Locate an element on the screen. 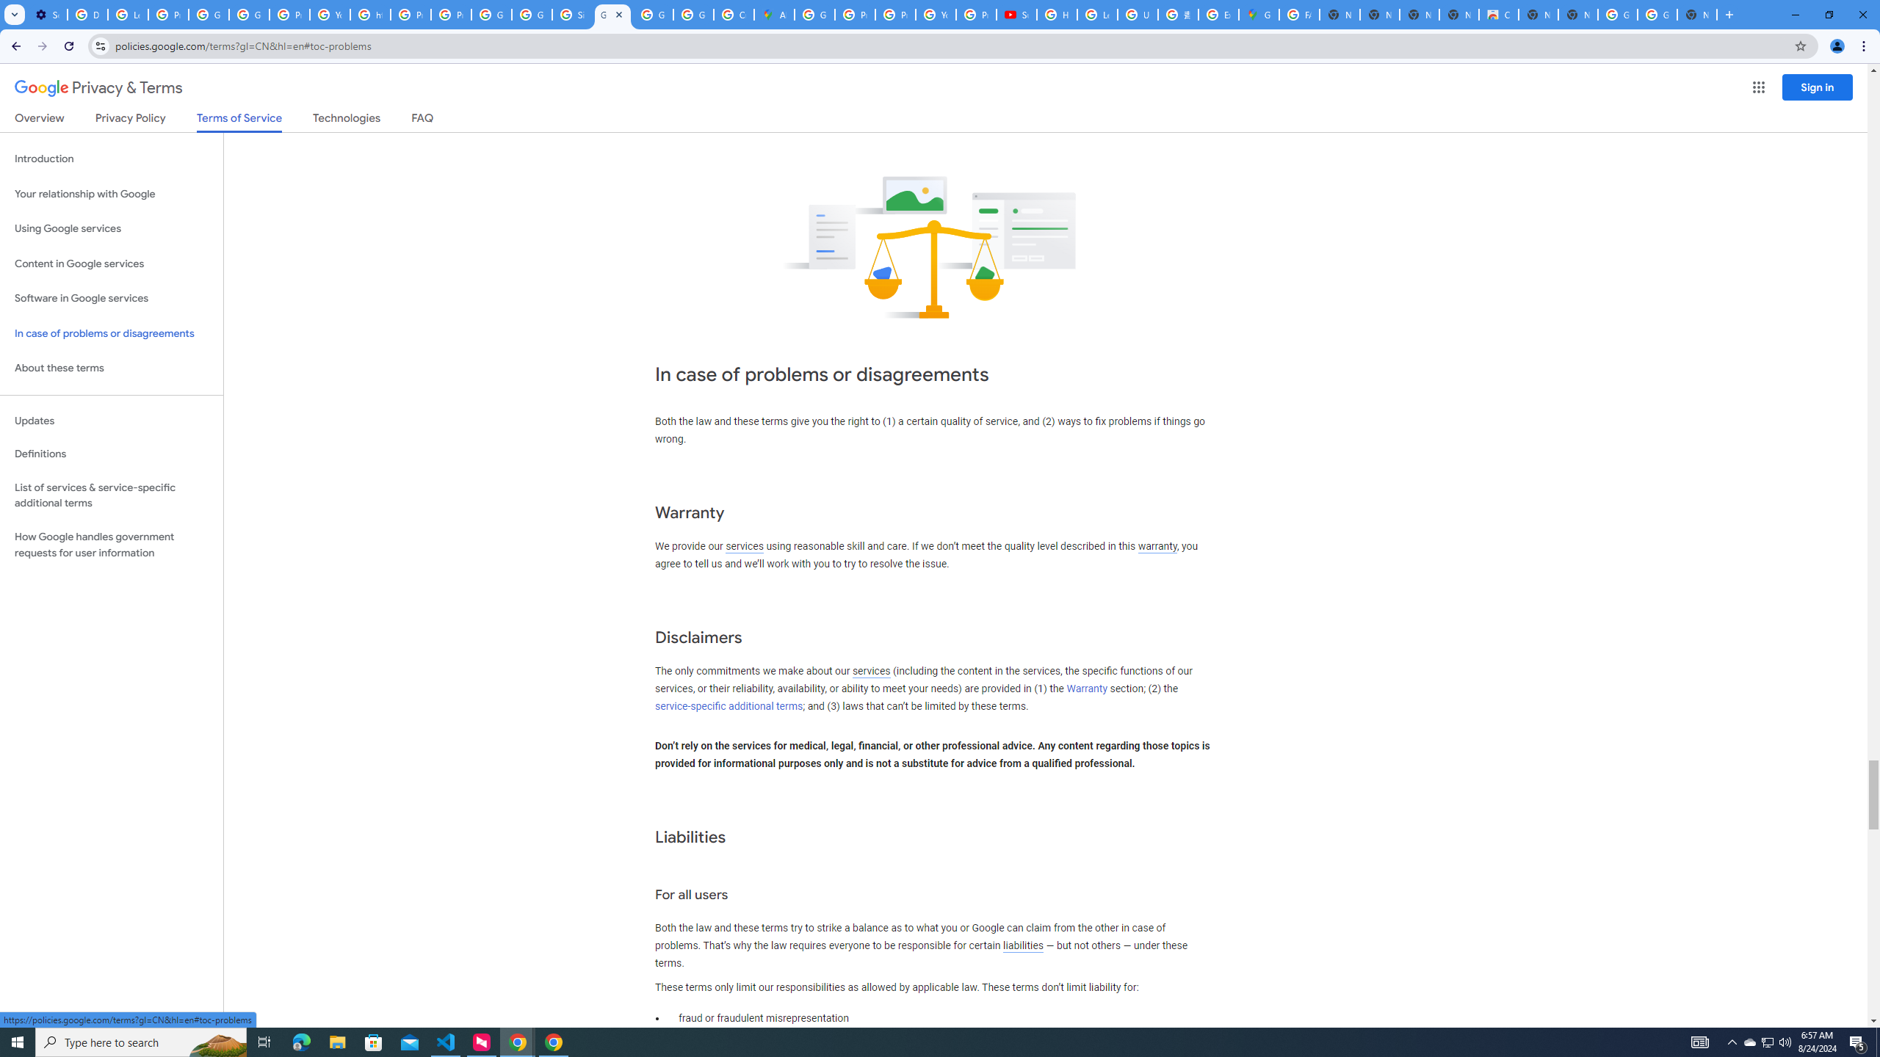 This screenshot has width=1880, height=1057. 'Content in Google services' is located at coordinates (111, 264).